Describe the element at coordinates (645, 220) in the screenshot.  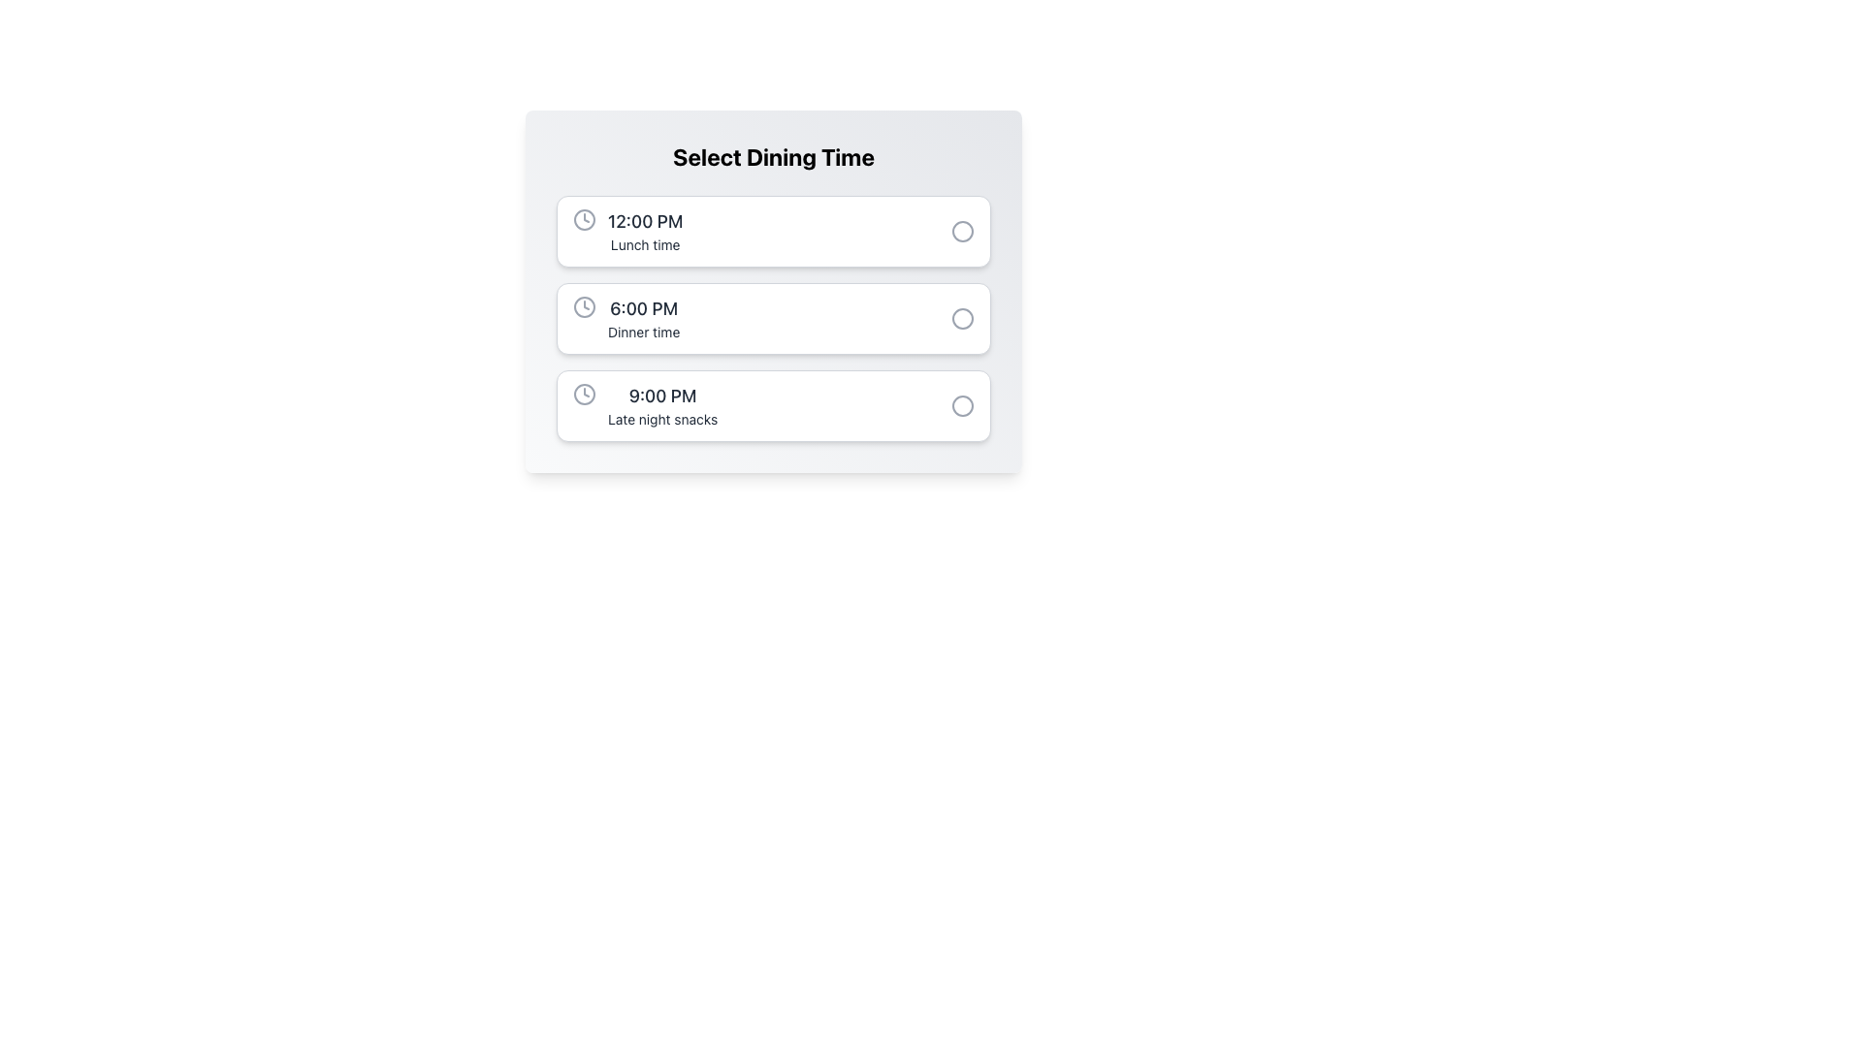
I see `the text label indicating the time '12:00 PM' located at the top-left of the first time selection card next to the clock icon` at that location.